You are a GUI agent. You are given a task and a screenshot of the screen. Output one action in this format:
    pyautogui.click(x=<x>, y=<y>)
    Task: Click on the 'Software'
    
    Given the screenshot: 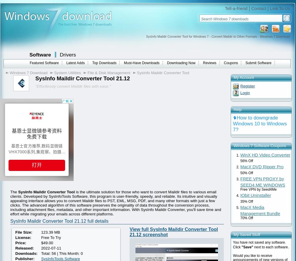 What is the action you would take?
    pyautogui.click(x=40, y=54)
    